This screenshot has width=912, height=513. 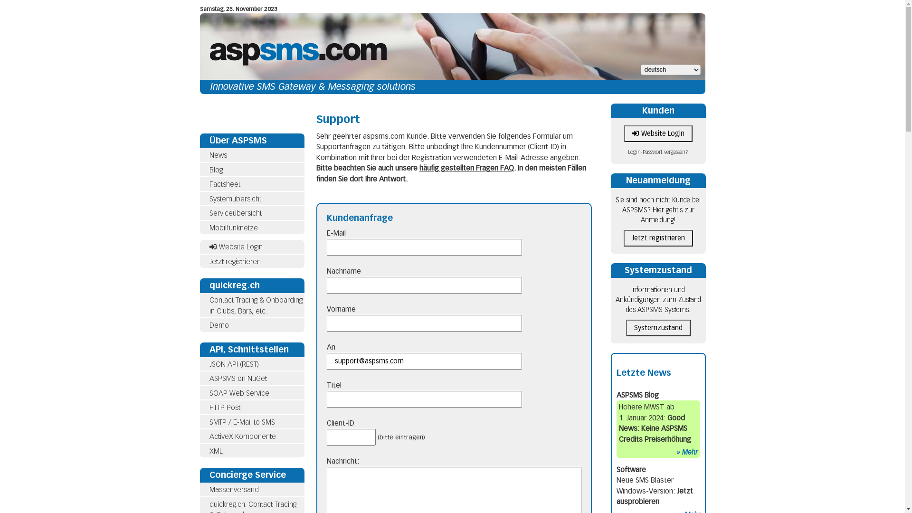 What do you see at coordinates (251, 378) in the screenshot?
I see `'ASPSMS on NuGet'` at bounding box center [251, 378].